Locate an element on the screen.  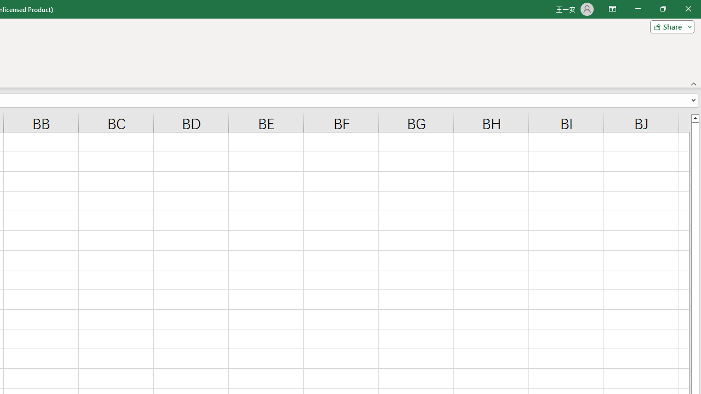
'Ribbon Display Options' is located at coordinates (612, 9).